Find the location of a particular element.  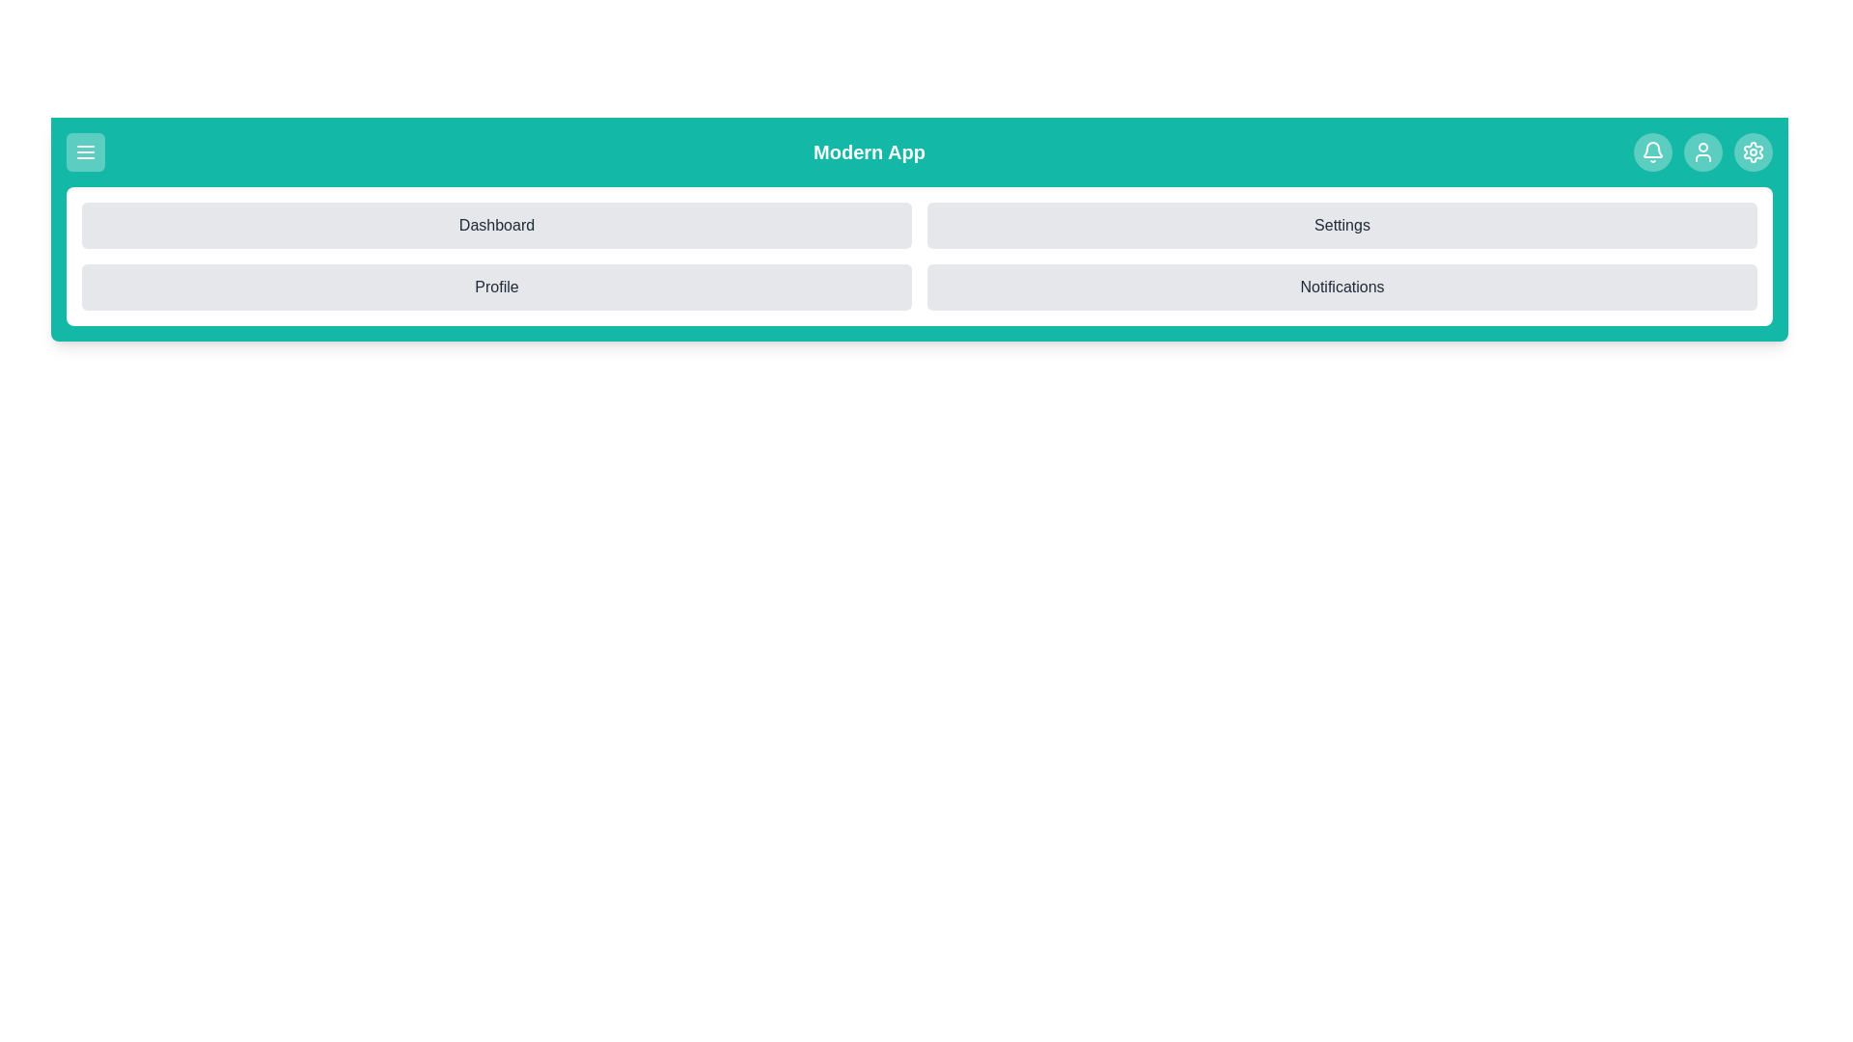

the settings icon in the top-right corner of the ModernAppBar is located at coordinates (1753, 151).